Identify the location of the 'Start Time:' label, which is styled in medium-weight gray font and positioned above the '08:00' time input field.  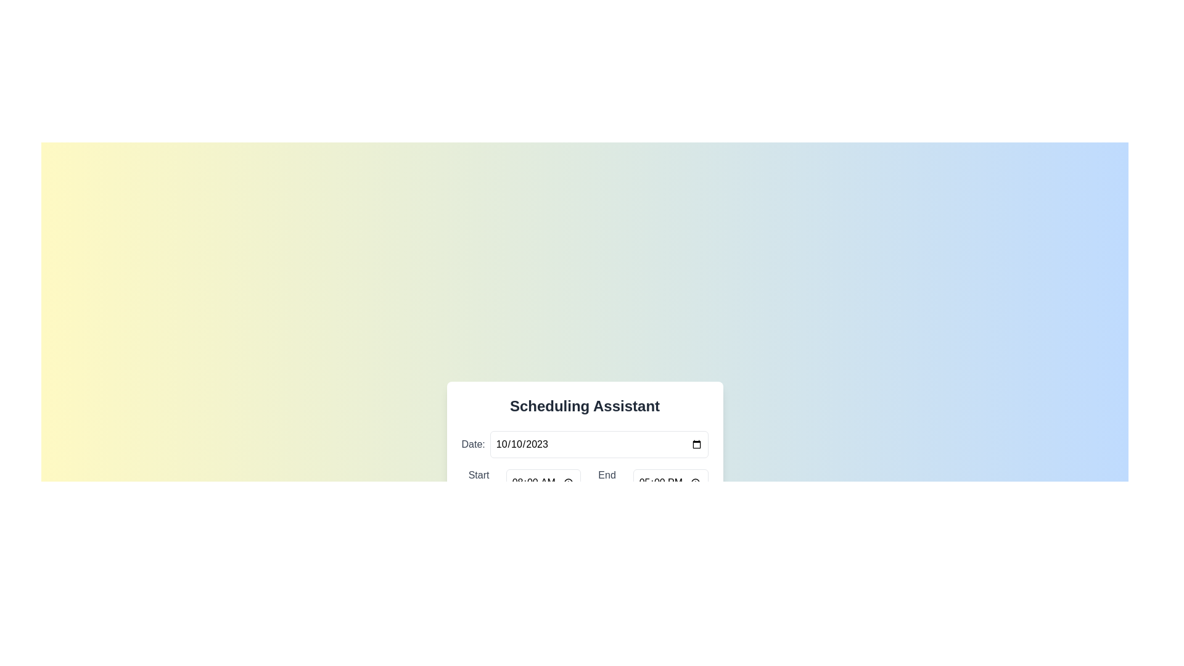
(478, 482).